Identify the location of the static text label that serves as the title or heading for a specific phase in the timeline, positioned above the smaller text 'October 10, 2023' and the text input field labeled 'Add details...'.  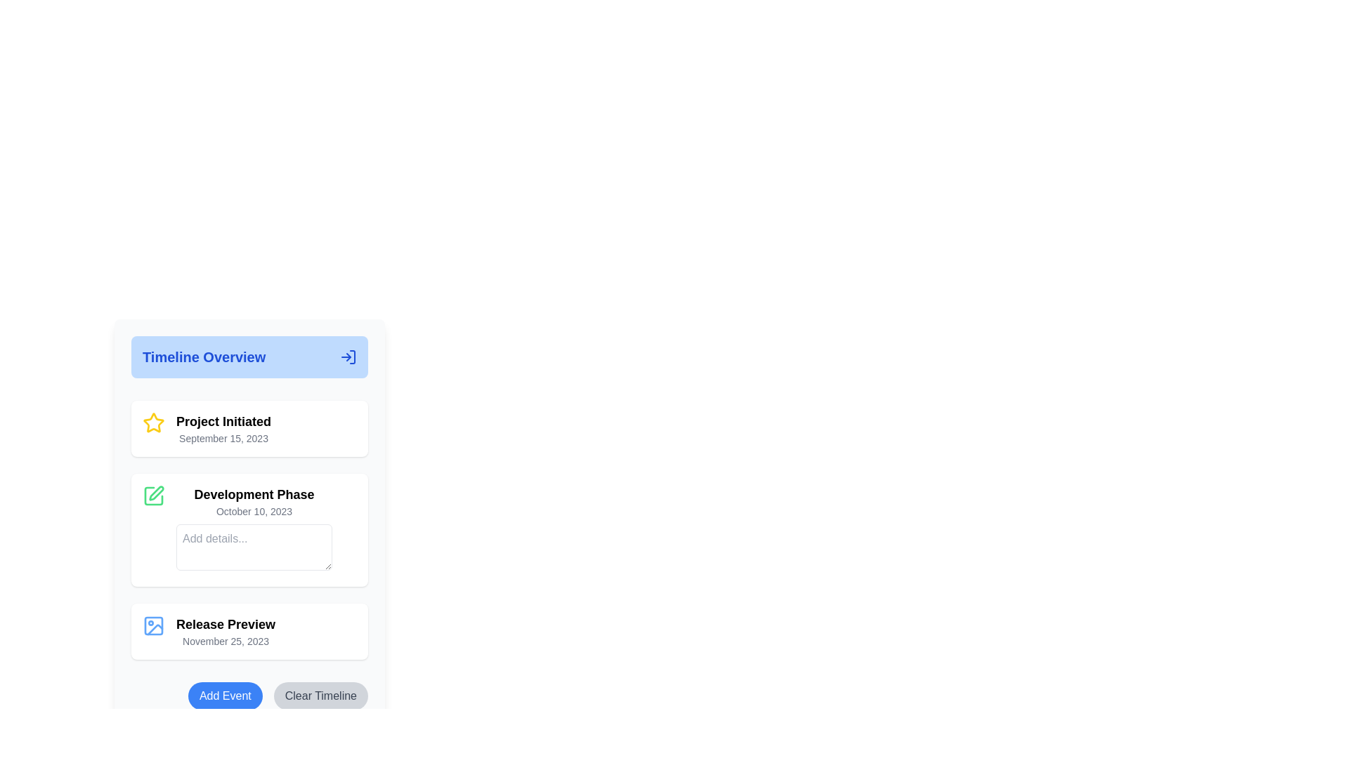
(254, 494).